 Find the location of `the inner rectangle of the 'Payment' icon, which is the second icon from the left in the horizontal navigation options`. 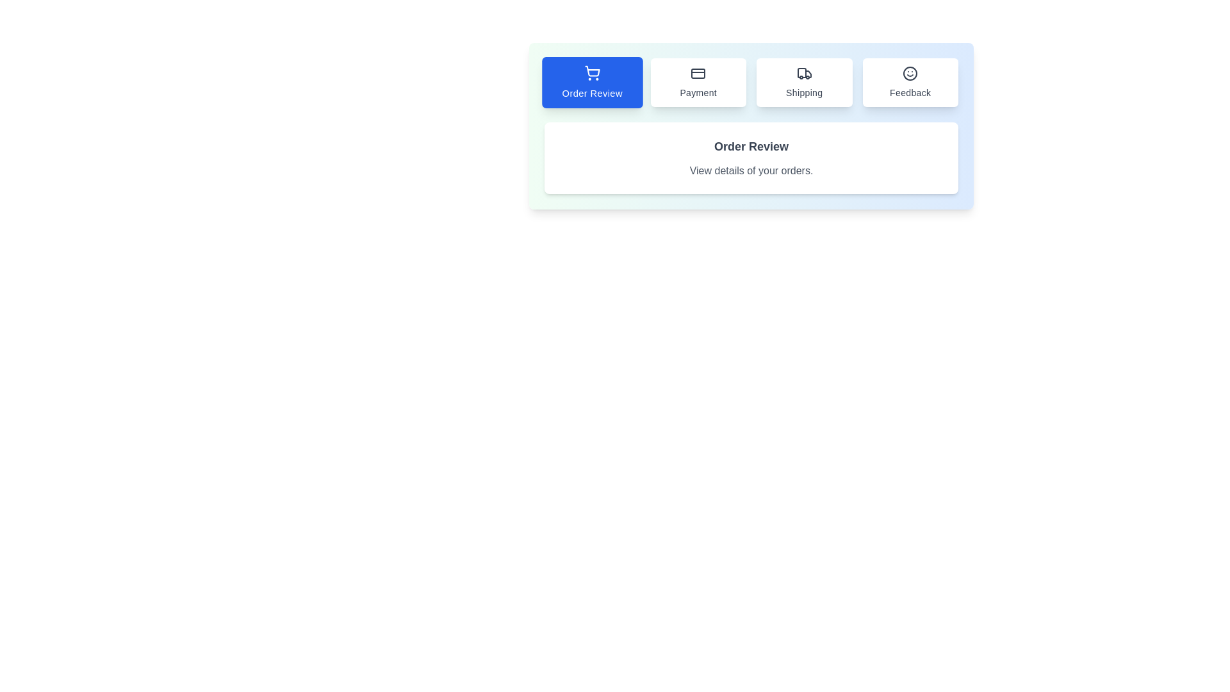

the inner rectangle of the 'Payment' icon, which is the second icon from the left in the horizontal navigation options is located at coordinates (698, 74).